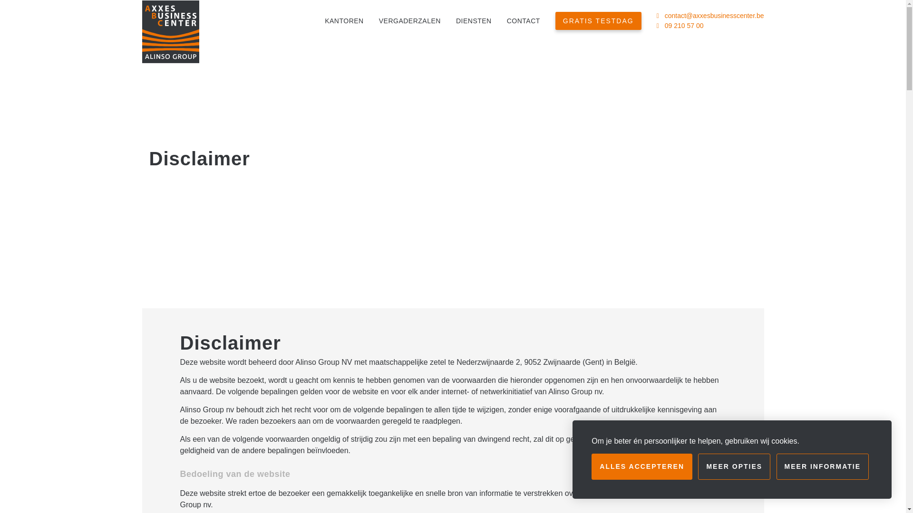 This screenshot has width=913, height=513. What do you see at coordinates (684, 25) in the screenshot?
I see `'09 210 57 00'` at bounding box center [684, 25].